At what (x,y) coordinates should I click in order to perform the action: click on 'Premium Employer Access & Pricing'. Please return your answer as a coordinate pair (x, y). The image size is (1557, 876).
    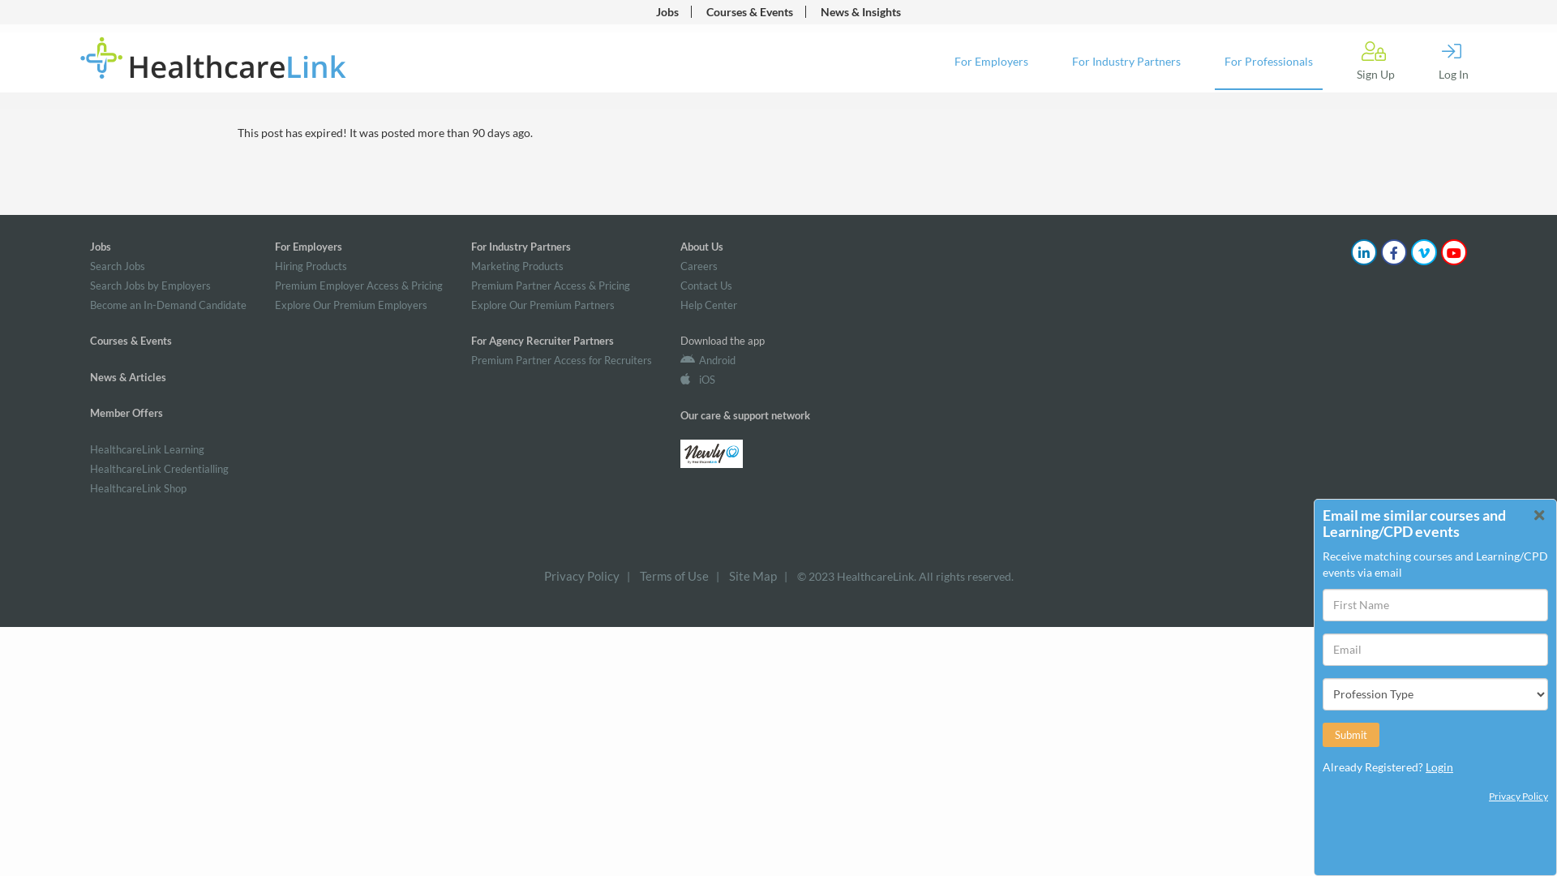
    Looking at the image, I should click on (358, 284).